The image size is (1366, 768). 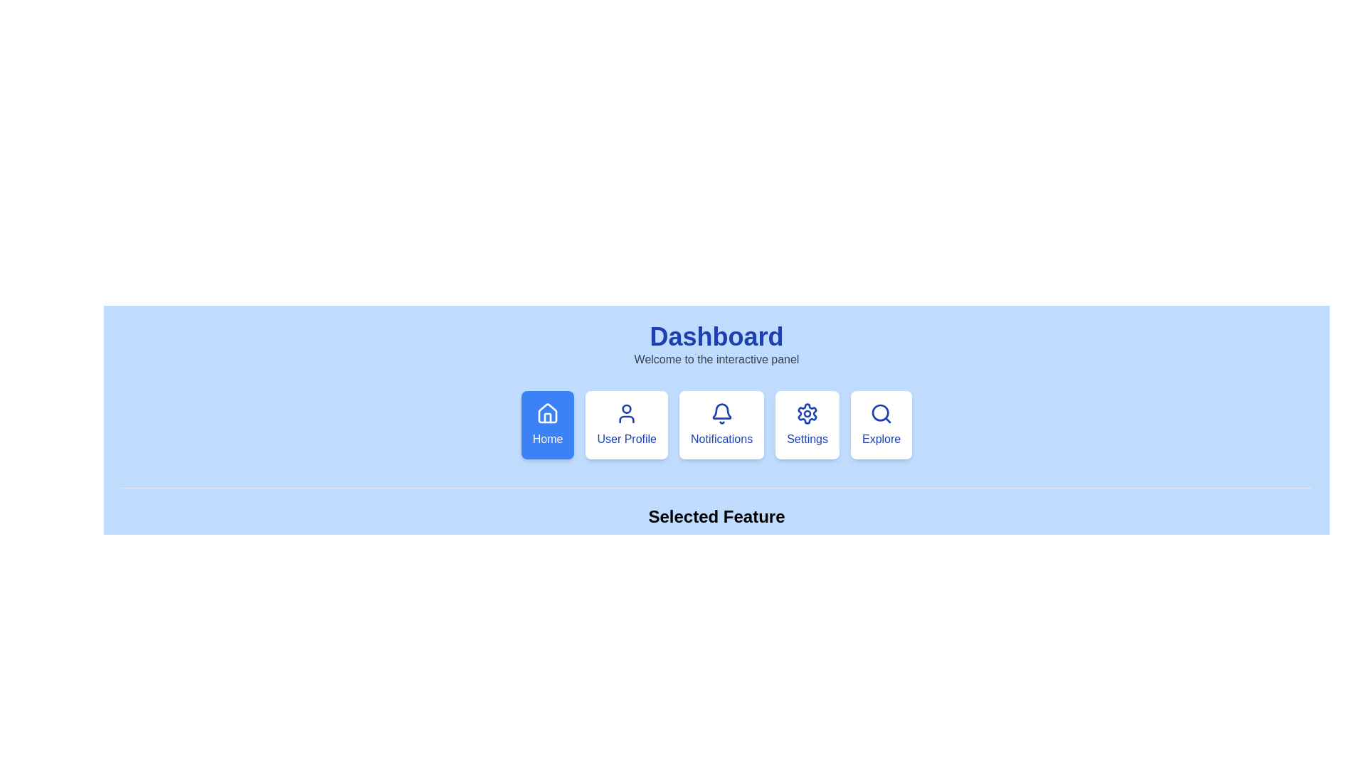 What do you see at coordinates (879, 412) in the screenshot?
I see `the 'Explore' button, represented by a magnifying glass icon, which contains the circular shape for searching or exploring features` at bounding box center [879, 412].